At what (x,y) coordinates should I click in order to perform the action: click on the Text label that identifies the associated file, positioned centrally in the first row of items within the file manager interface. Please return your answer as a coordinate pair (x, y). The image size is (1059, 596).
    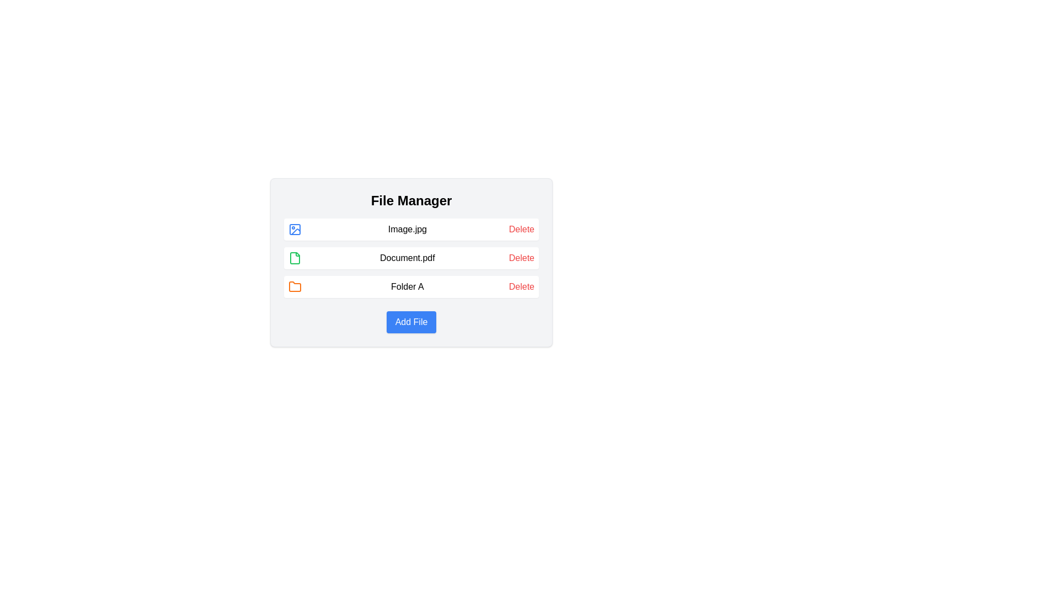
    Looking at the image, I should click on (407, 229).